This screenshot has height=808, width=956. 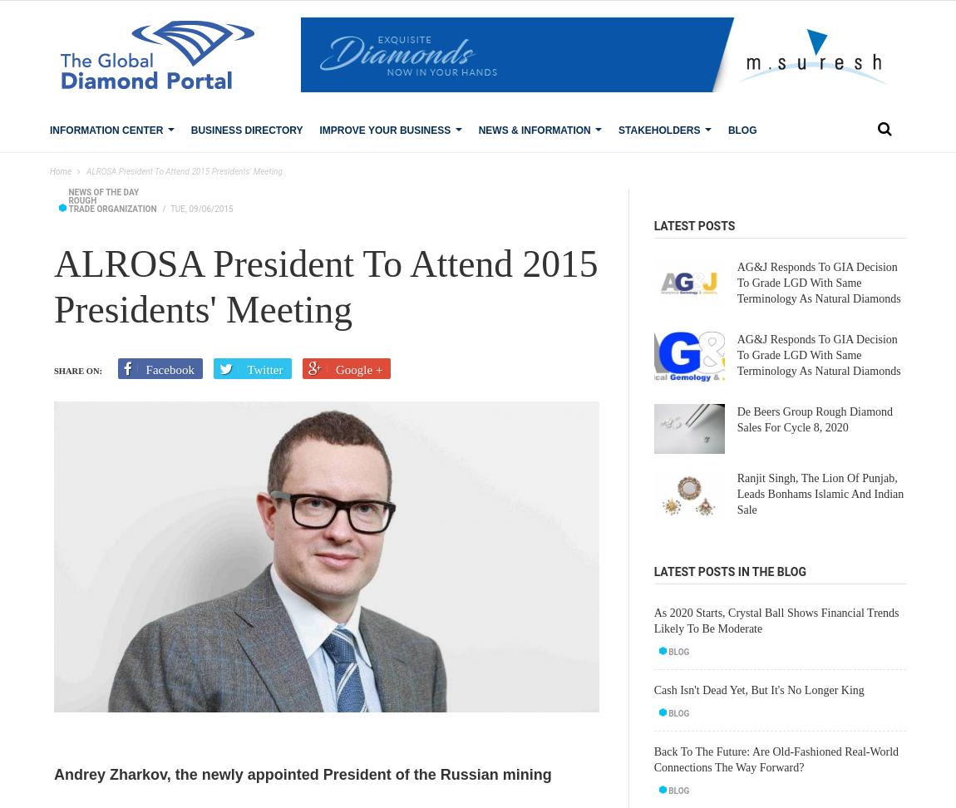 I want to click on 'As 2020 starts, crystal ball shows financial trends likely to be moderate', so click(x=776, y=620).